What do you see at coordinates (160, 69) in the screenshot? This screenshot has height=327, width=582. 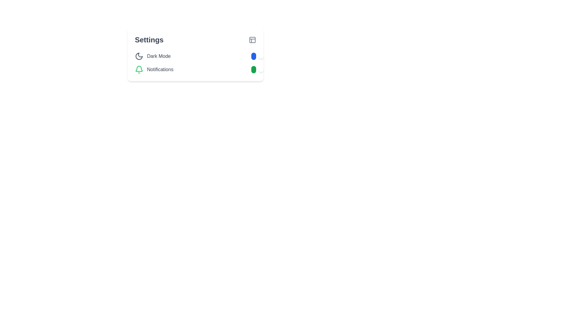 I see `the text label in the settings menu that indicates notification-related options, which is positioned below the 'Dark Mode' entry and aligned with a green bell icon` at bounding box center [160, 69].